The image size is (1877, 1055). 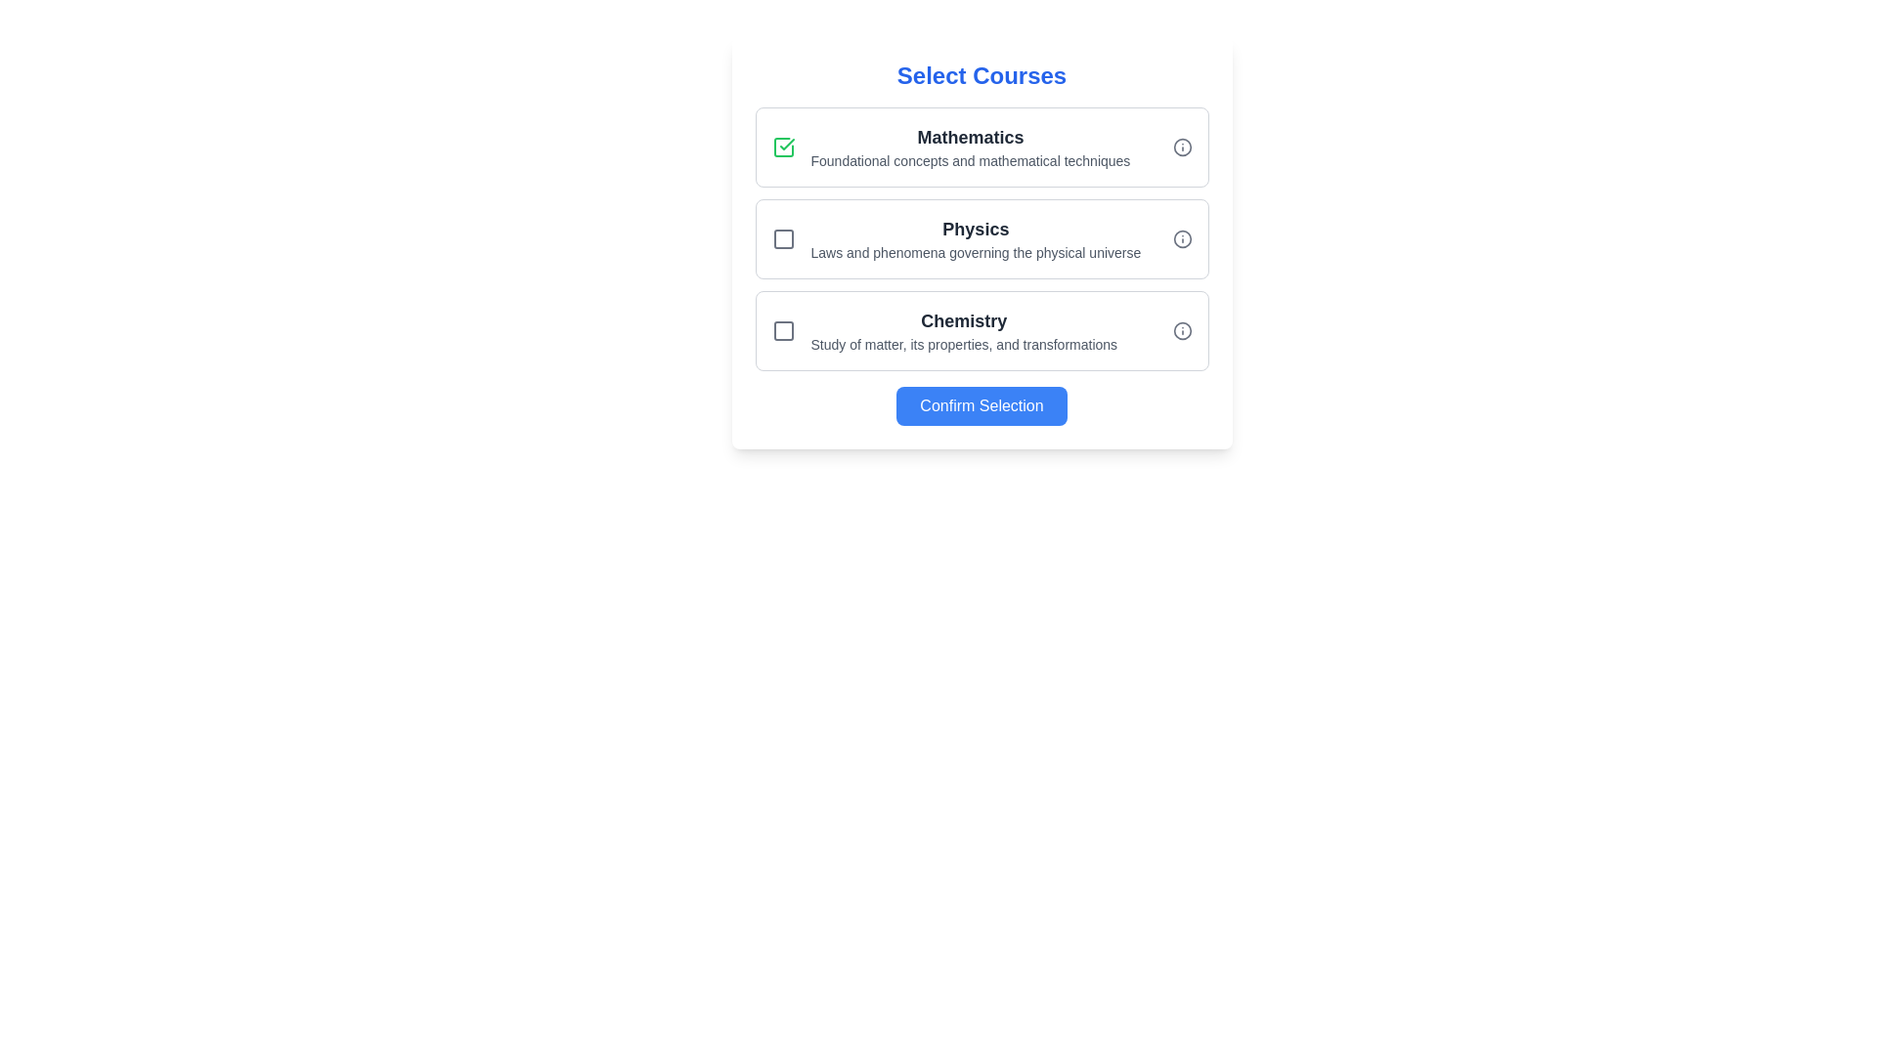 What do you see at coordinates (1181, 238) in the screenshot?
I see `the central circular part of the 'info' icon located to the right of the 'Physics' course selection in a vertically arranged list of courses` at bounding box center [1181, 238].